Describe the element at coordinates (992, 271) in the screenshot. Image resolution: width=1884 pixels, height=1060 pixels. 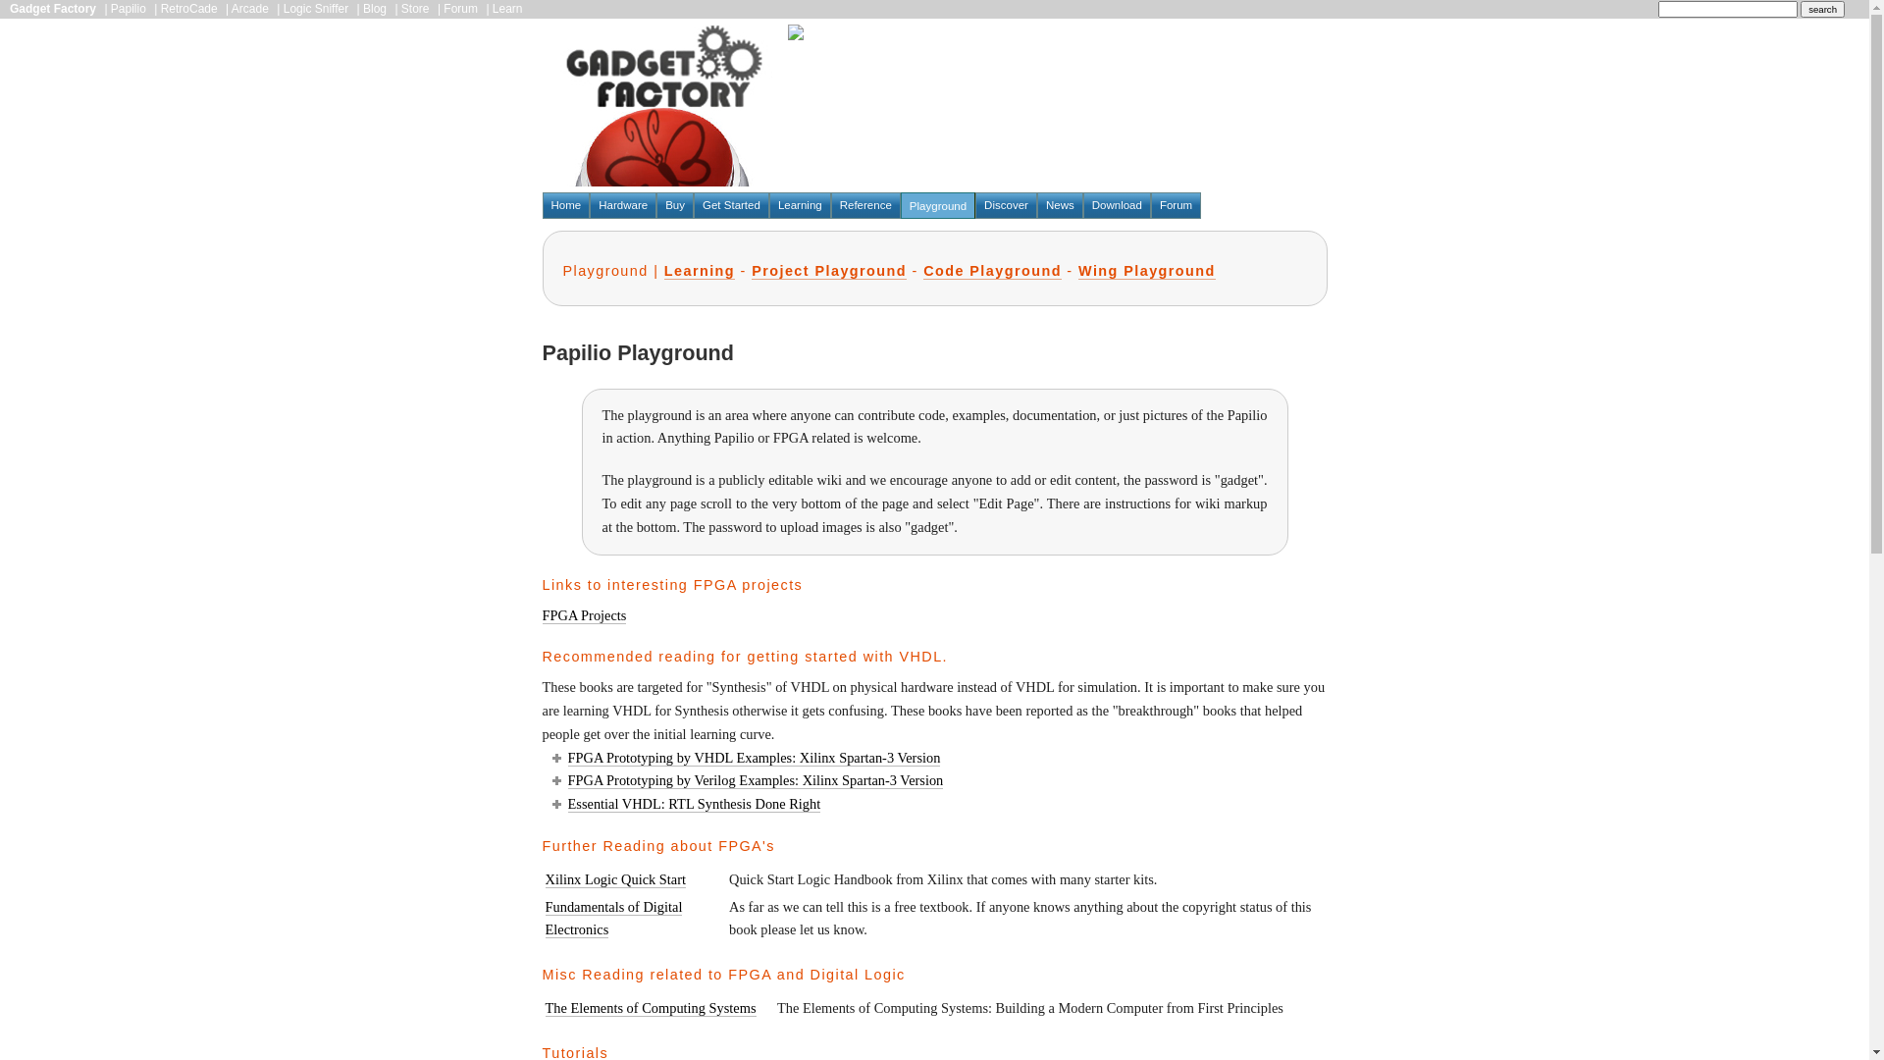
I see `'Code Playground'` at that location.